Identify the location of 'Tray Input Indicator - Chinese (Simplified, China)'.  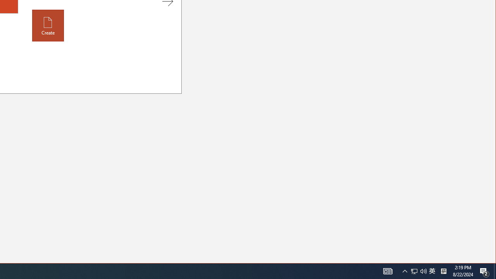
(423, 270).